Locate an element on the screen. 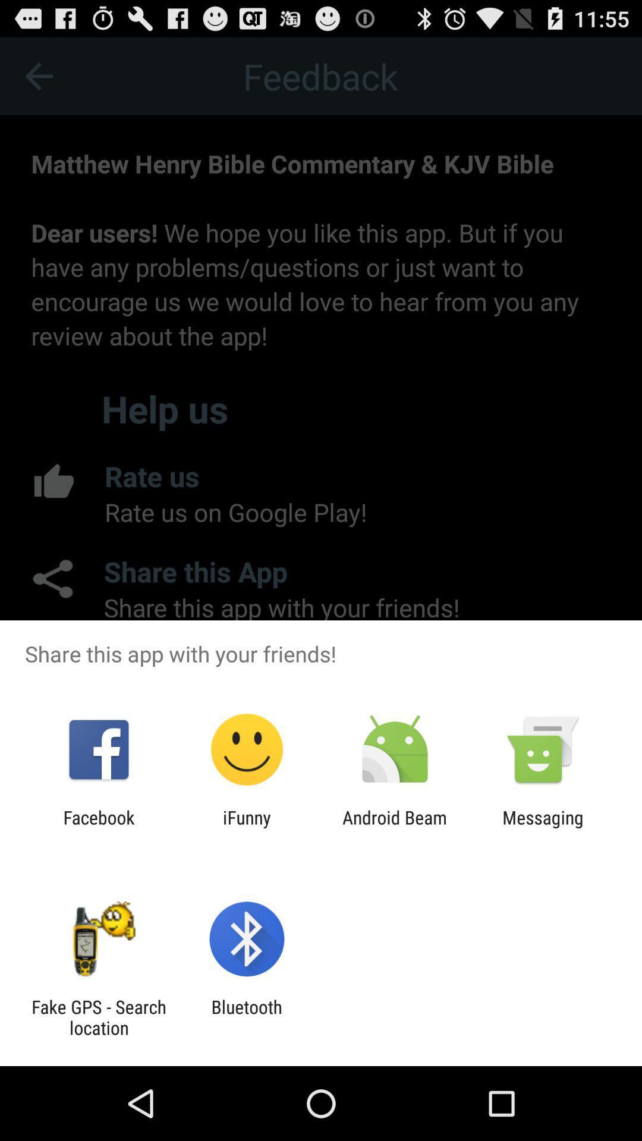 This screenshot has width=642, height=1141. the android beam item is located at coordinates (395, 827).